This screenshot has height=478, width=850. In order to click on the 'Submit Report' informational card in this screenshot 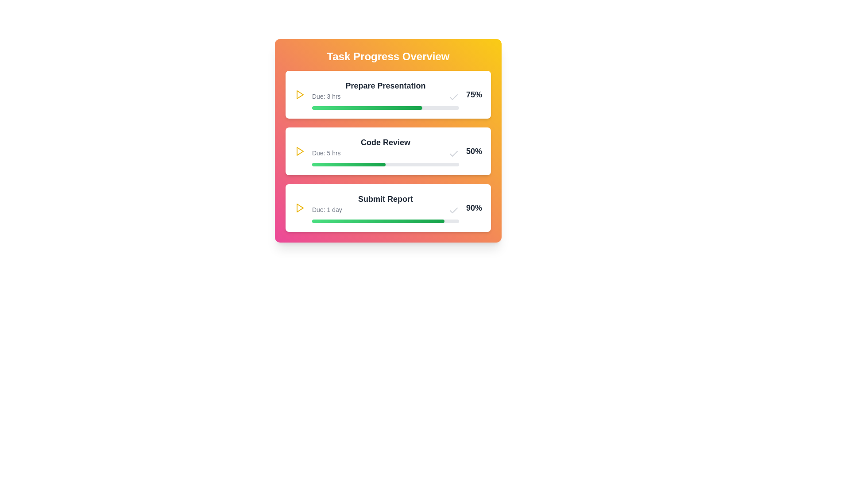, I will do `click(388, 208)`.